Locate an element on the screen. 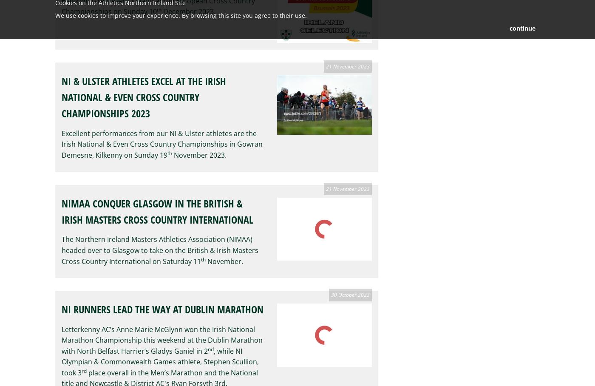  'December 2023.' is located at coordinates (188, 11).